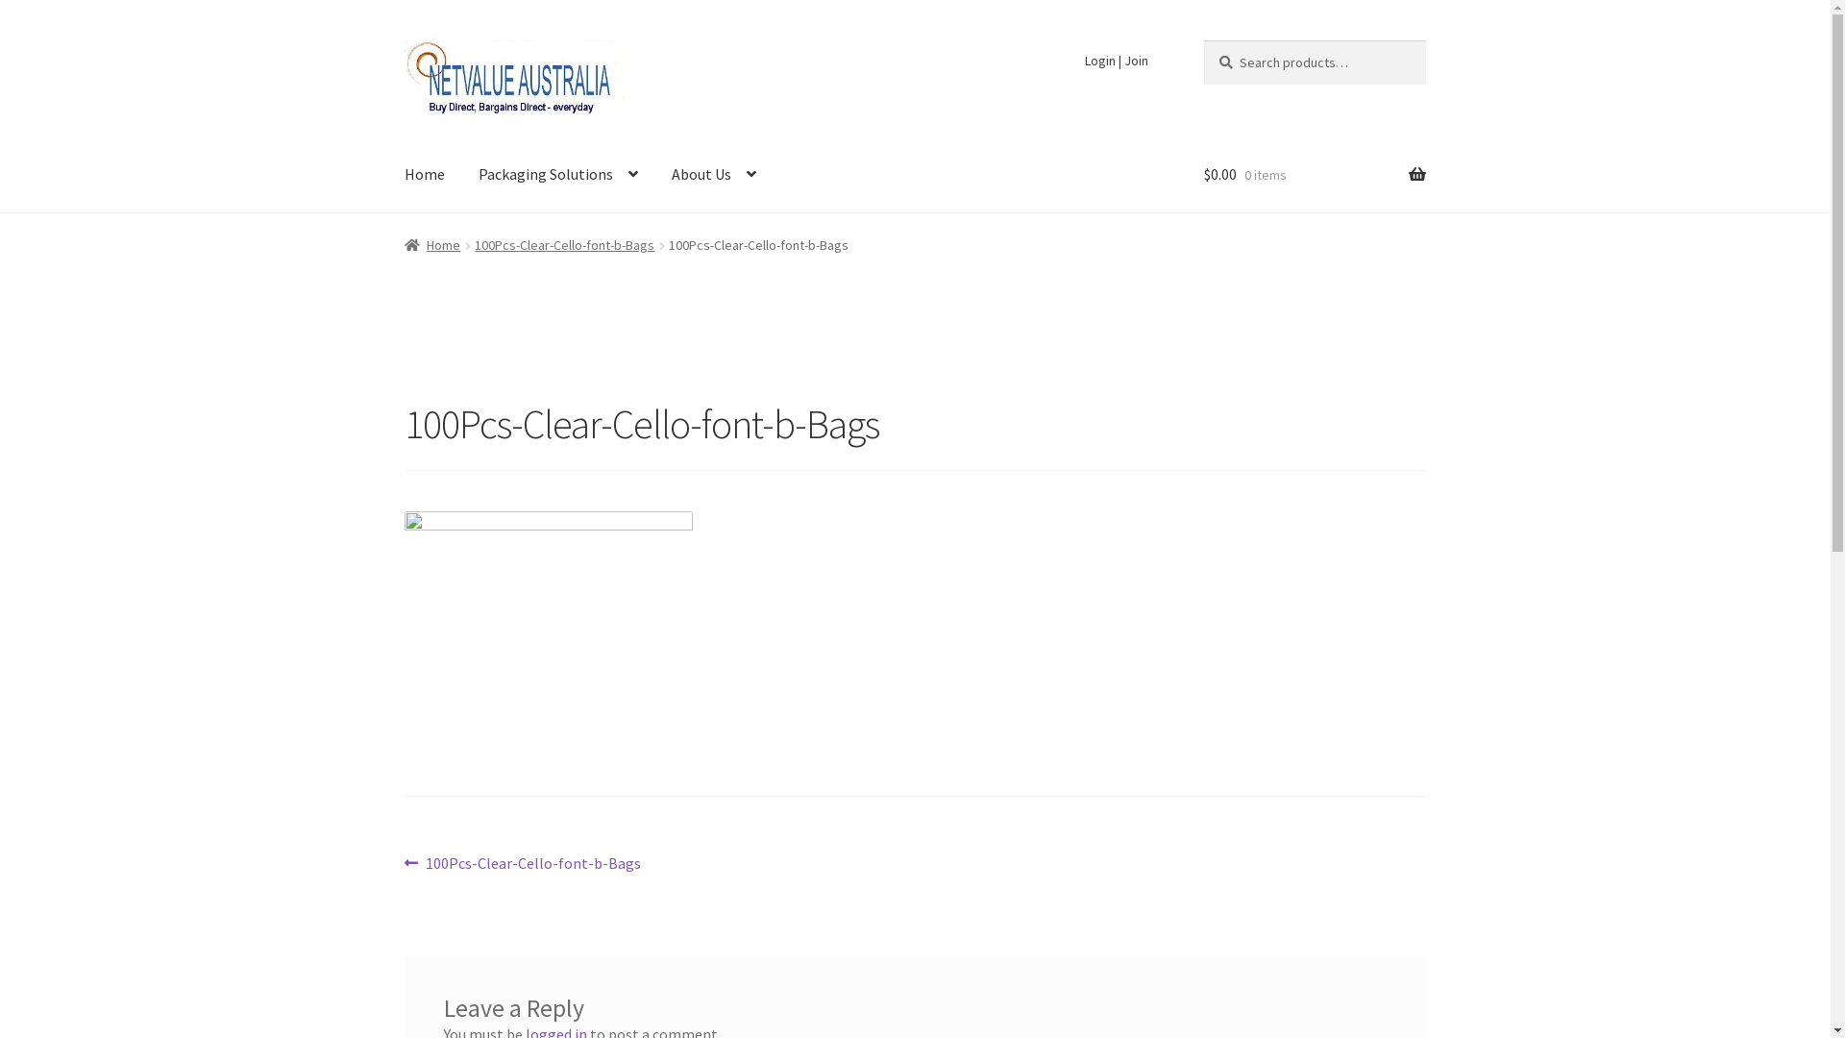  Describe the element at coordinates (655, 174) in the screenshot. I see `'About Us'` at that location.